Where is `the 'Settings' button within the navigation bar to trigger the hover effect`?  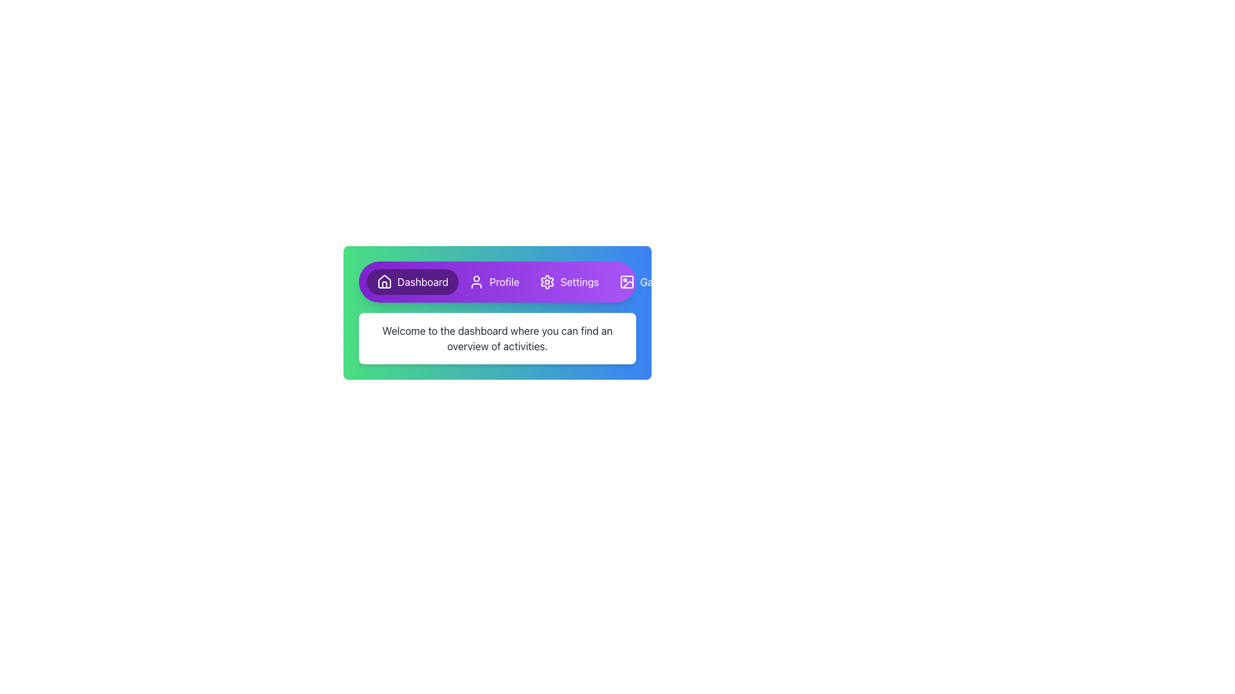
the 'Settings' button within the navigation bar to trigger the hover effect is located at coordinates (569, 281).